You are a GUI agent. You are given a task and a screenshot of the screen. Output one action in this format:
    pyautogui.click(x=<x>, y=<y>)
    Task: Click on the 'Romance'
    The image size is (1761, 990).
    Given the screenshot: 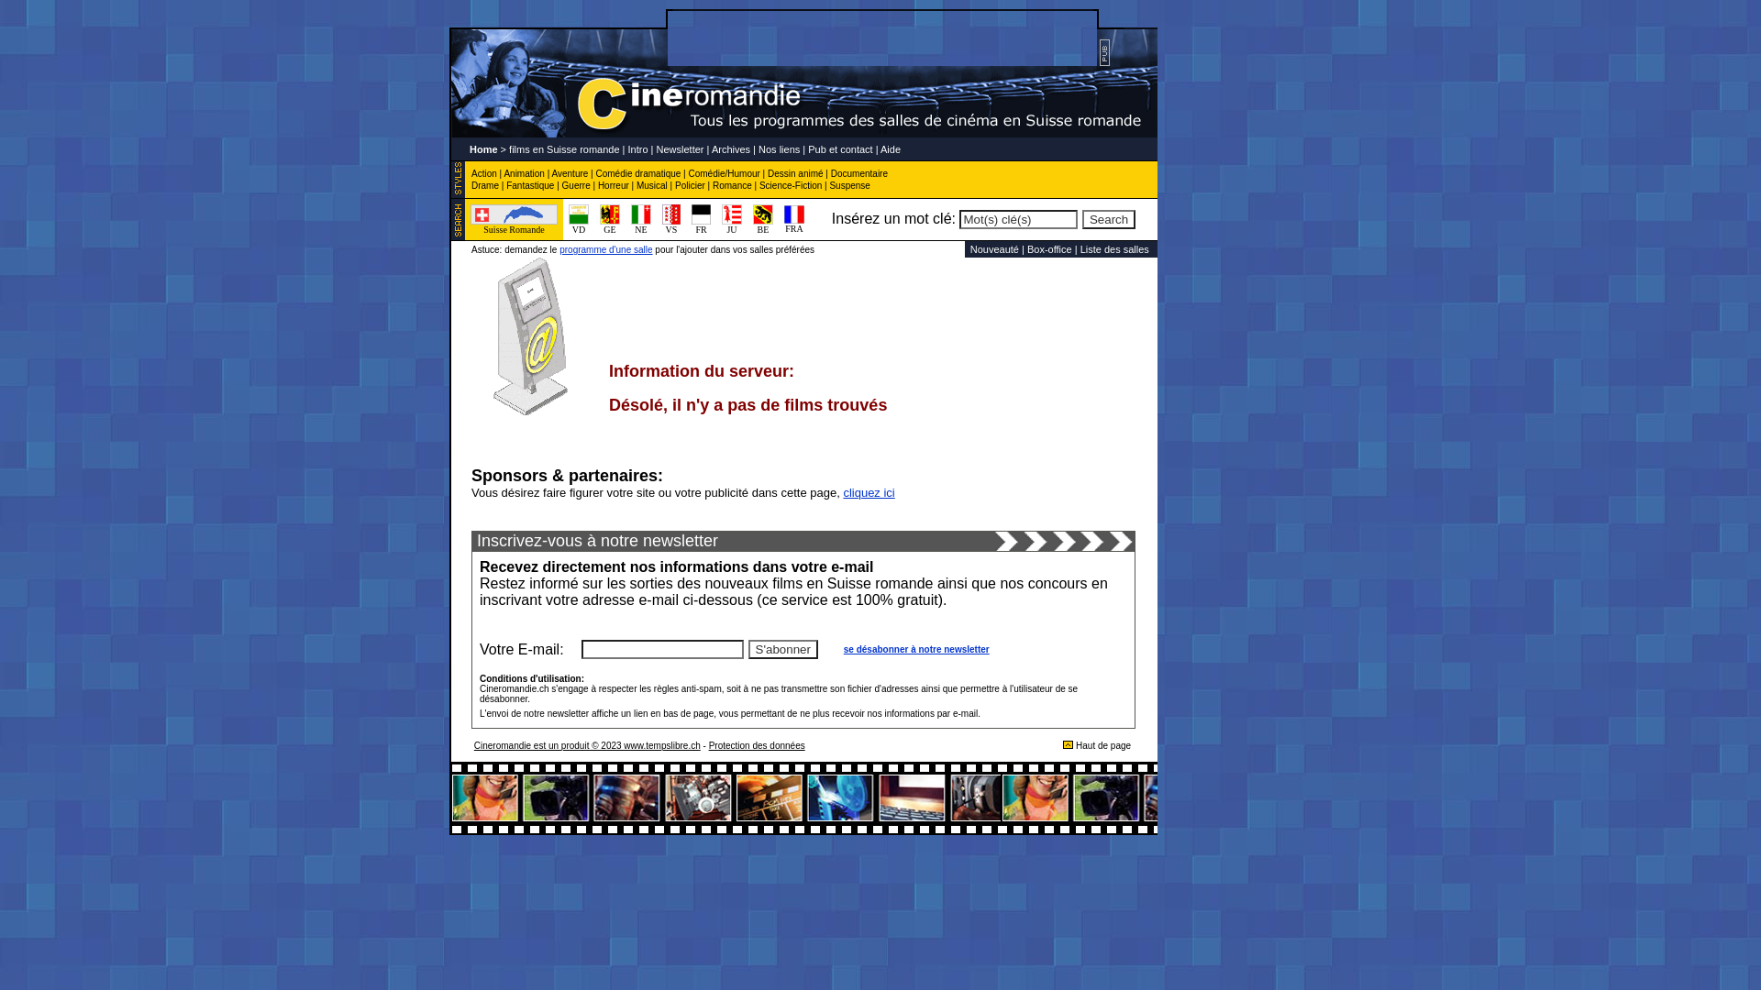 What is the action you would take?
    pyautogui.click(x=731, y=185)
    